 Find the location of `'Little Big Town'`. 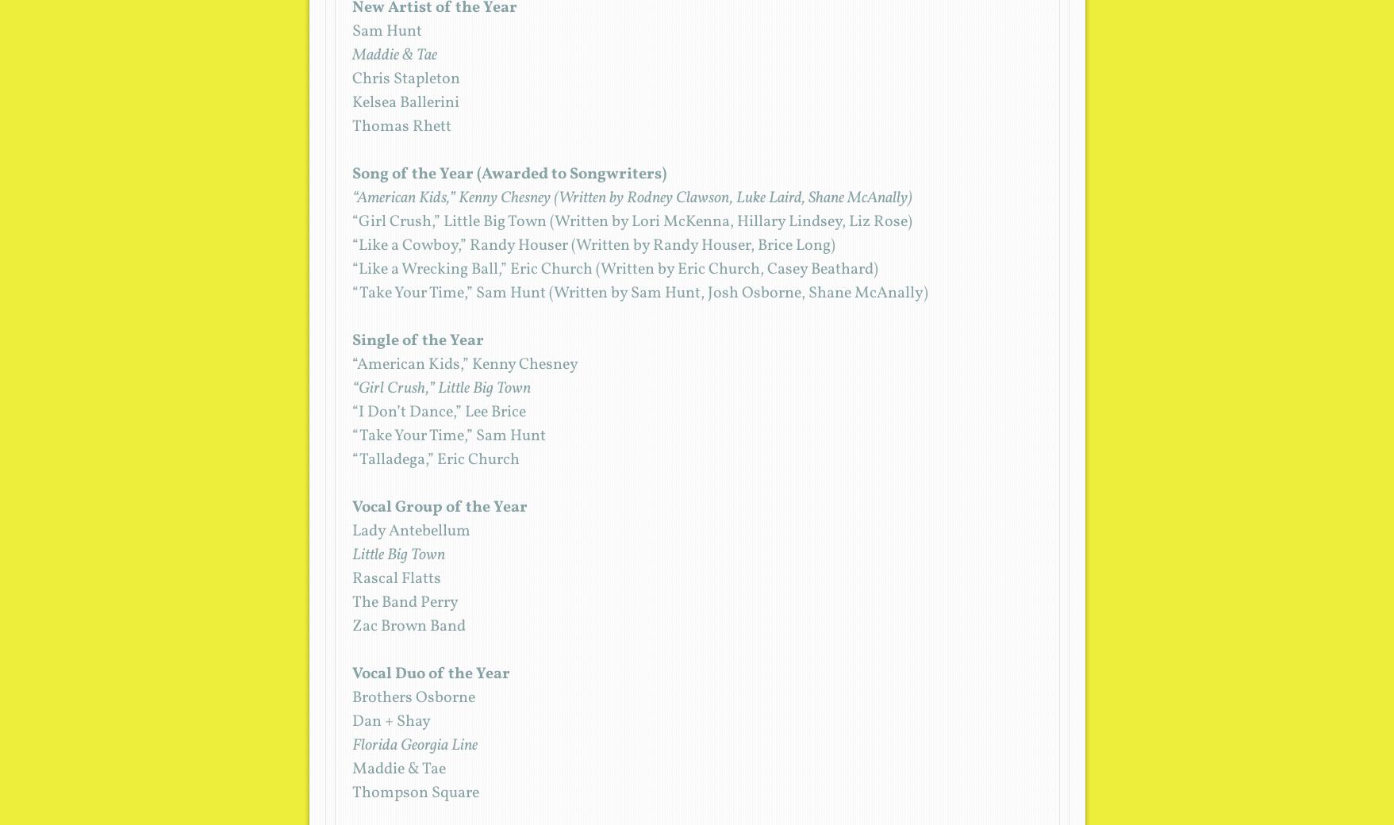

'Little Big Town' is located at coordinates (397, 555).